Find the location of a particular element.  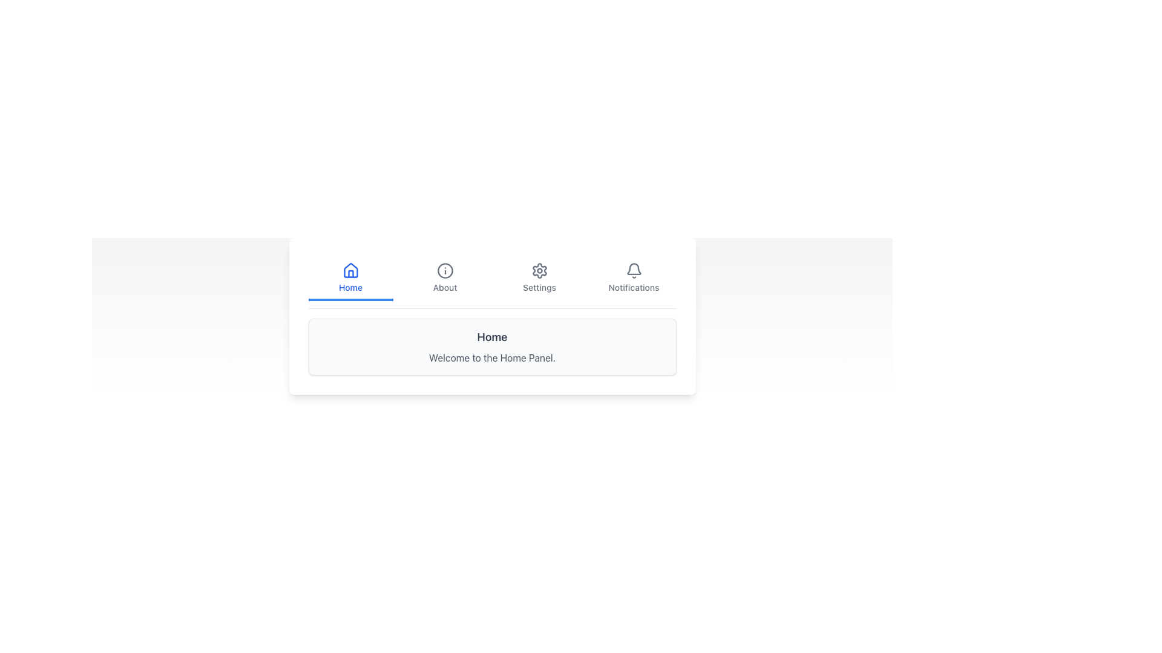

the lower part of the house icon represented by the SVG element, which serves as a symbolic representation for 'Home' in the user interface is located at coordinates (350, 270).